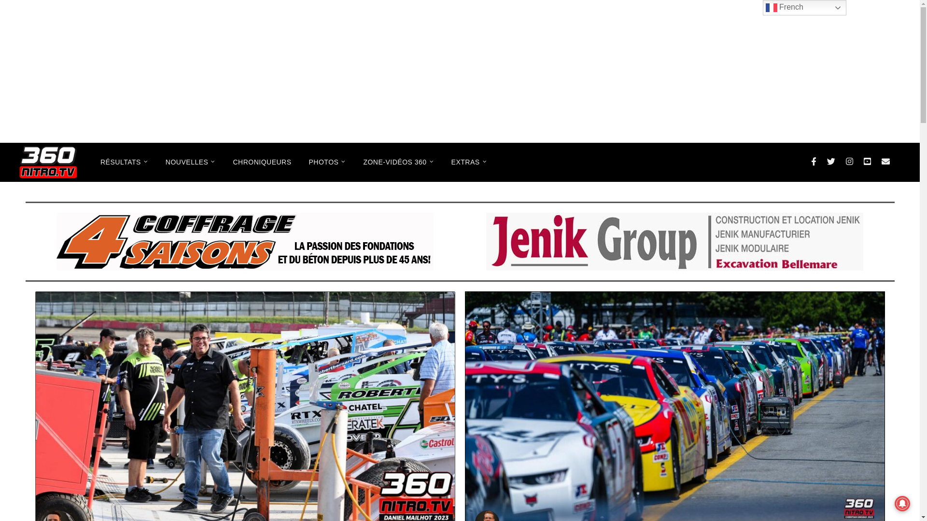 The height and width of the screenshot is (521, 927). What do you see at coordinates (813, 161) in the screenshot?
I see `'Facebook'` at bounding box center [813, 161].